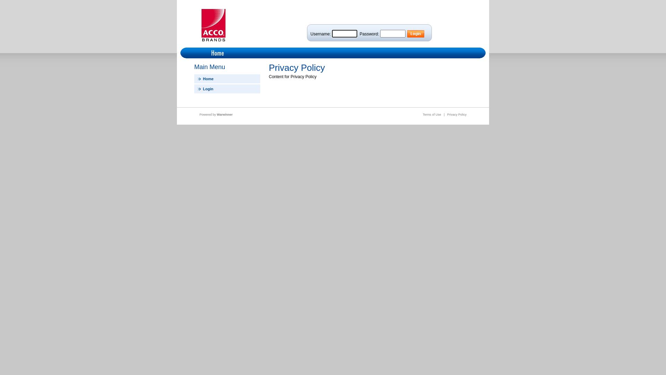 The image size is (666, 375). Describe the element at coordinates (456, 114) in the screenshot. I see `'Privacy Policy'` at that location.